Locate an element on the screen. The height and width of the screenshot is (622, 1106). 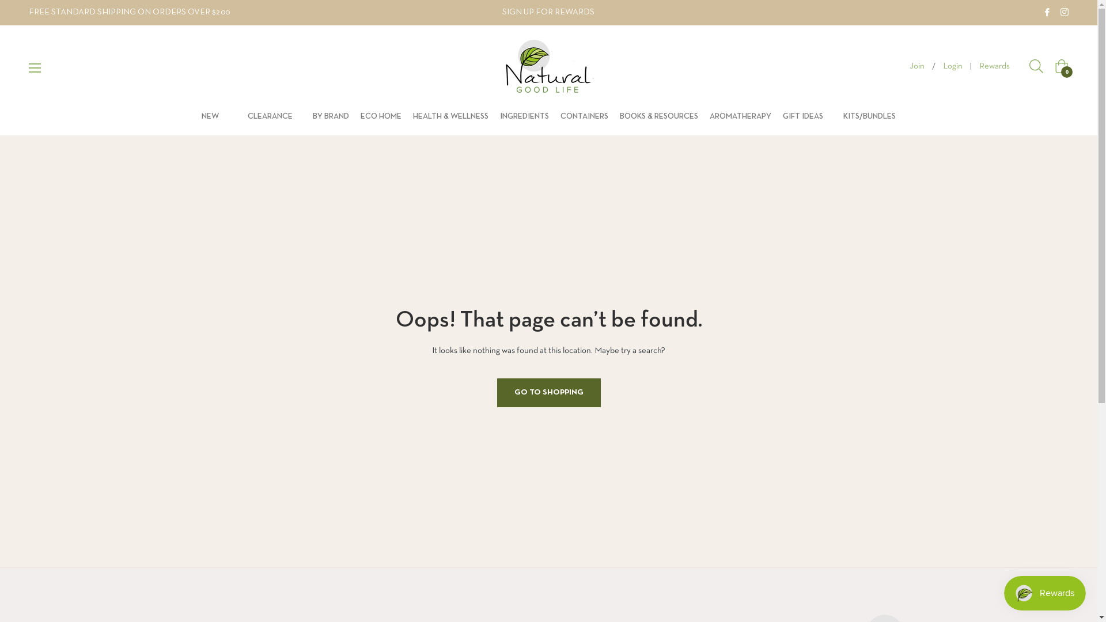
'CLEARANCE' is located at coordinates (270, 116).